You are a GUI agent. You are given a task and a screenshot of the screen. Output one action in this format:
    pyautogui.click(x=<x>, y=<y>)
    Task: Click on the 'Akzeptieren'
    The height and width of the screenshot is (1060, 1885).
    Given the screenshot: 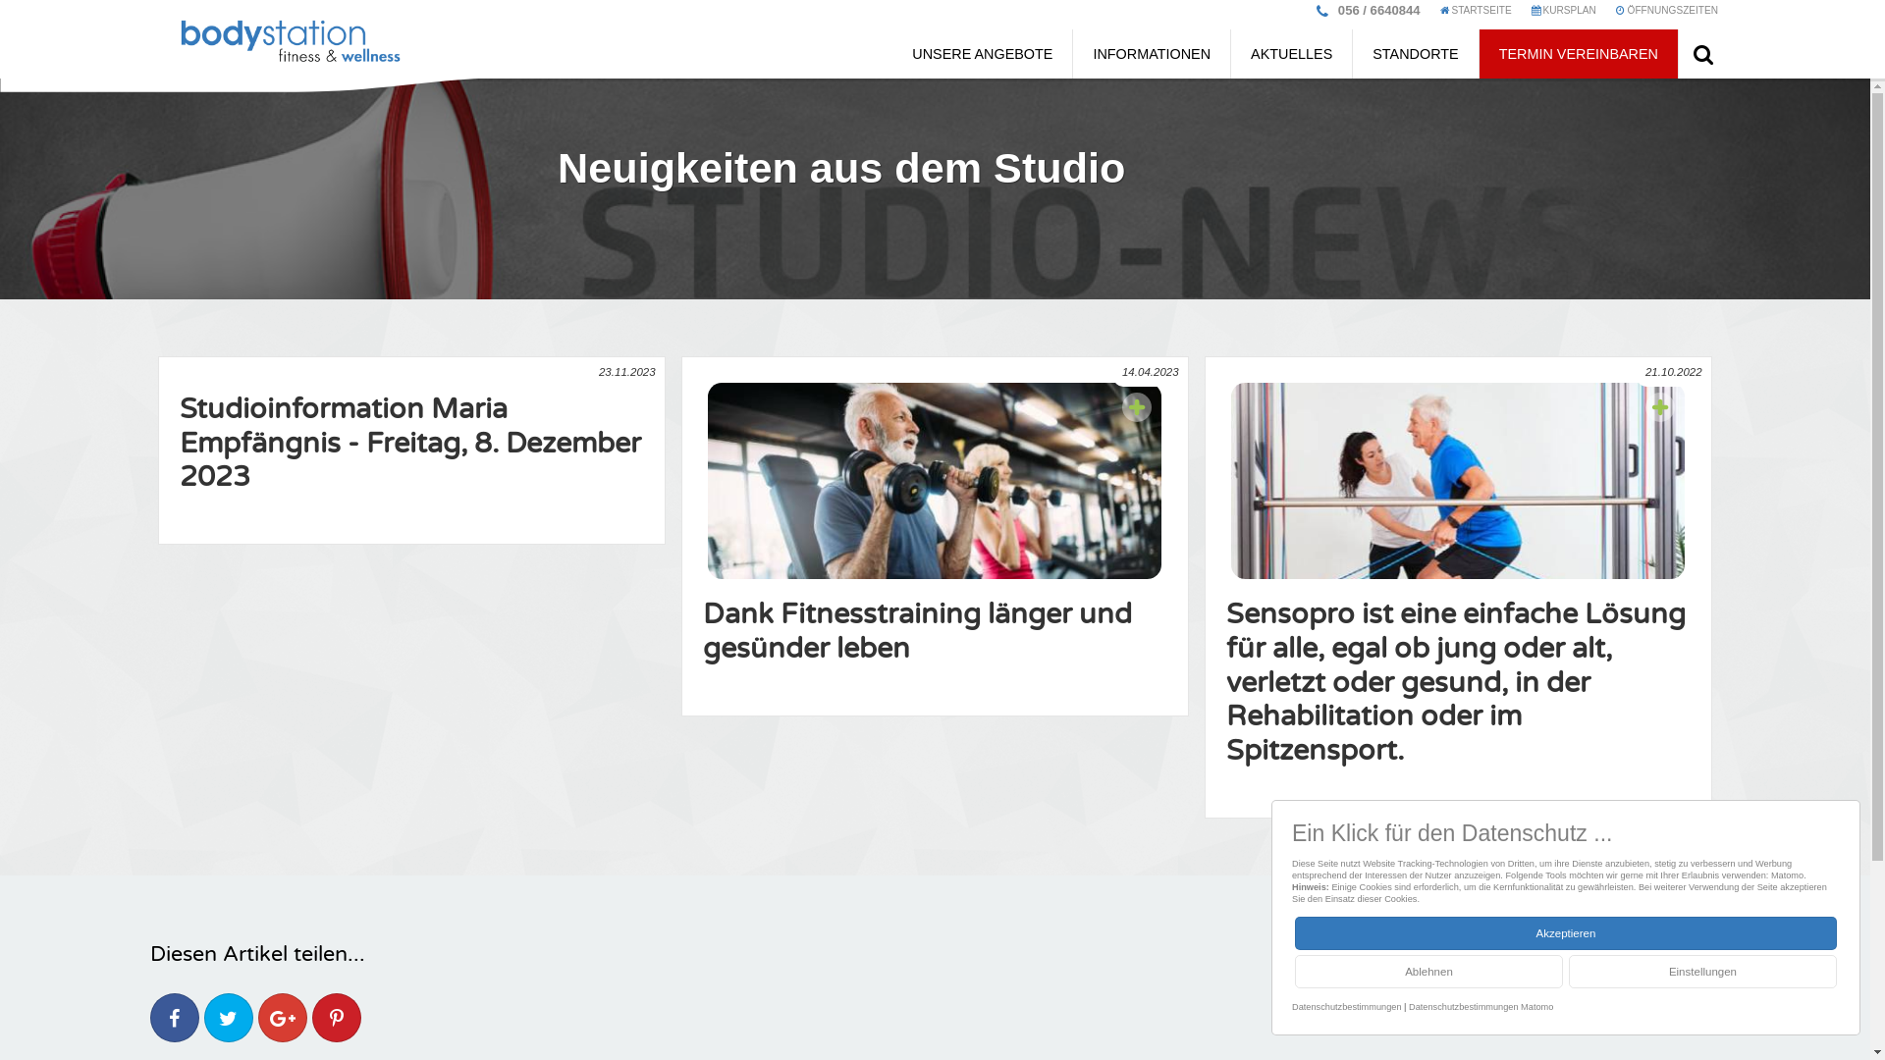 What is the action you would take?
    pyautogui.click(x=1564, y=932)
    